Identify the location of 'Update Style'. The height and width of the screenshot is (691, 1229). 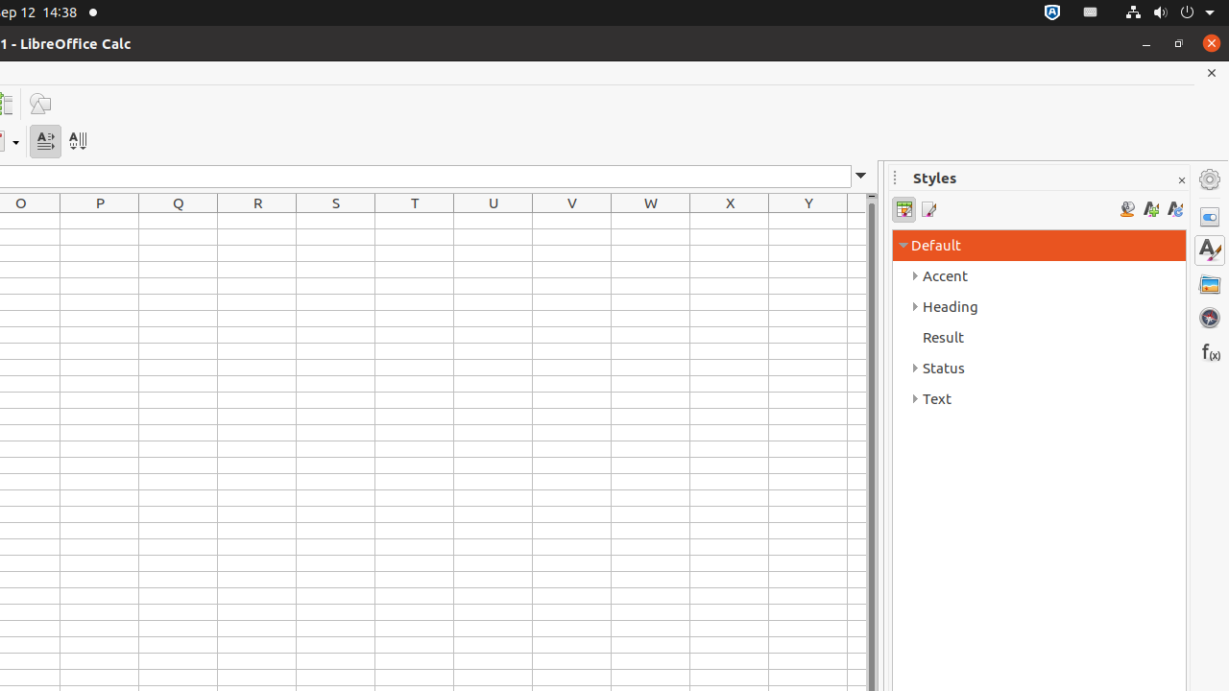
(1173, 209).